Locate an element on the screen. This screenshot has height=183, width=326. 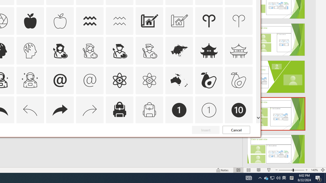
'AutomationID: Icons_Aries_M' is located at coordinates (239, 21).